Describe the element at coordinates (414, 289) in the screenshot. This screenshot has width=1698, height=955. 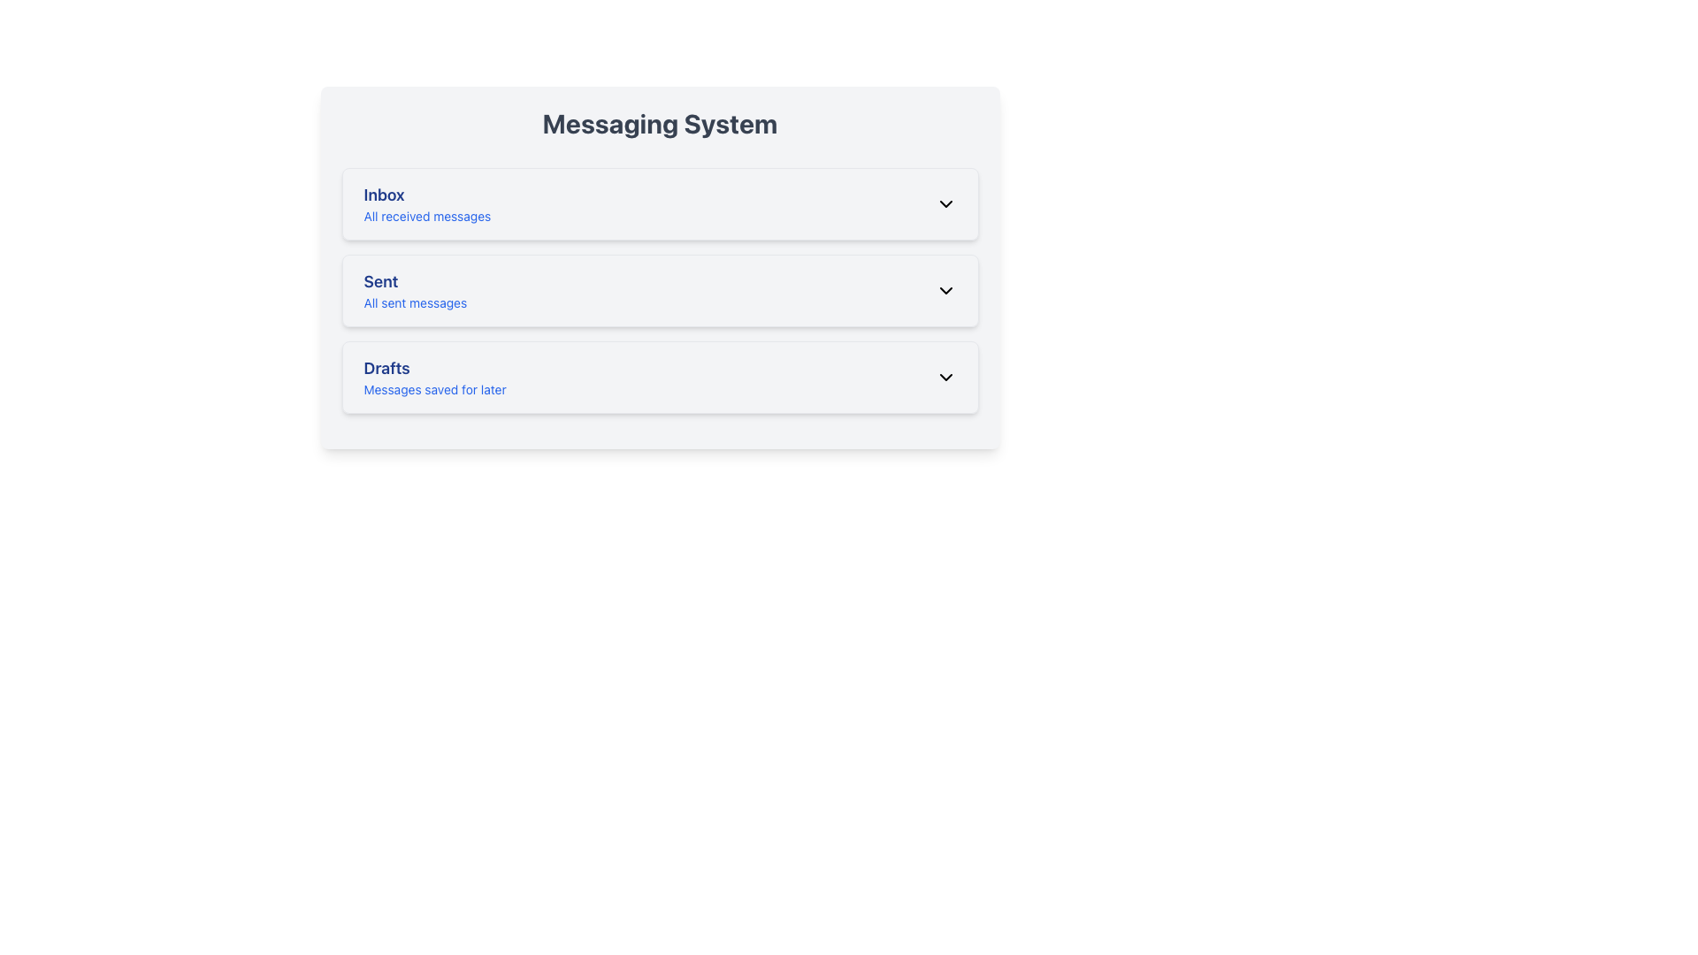
I see `the 'Sent' section of the text block, which prominently displays the title 'Sent' in larger and bold blue font` at that location.